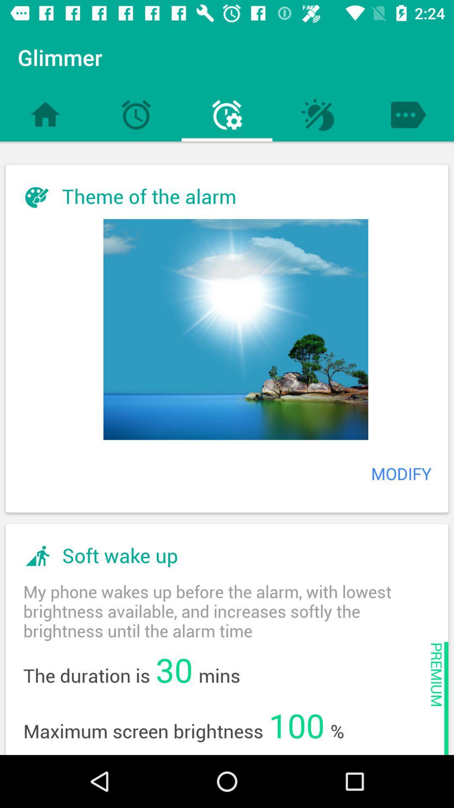  What do you see at coordinates (235, 329) in the screenshot?
I see `modify theme` at bounding box center [235, 329].